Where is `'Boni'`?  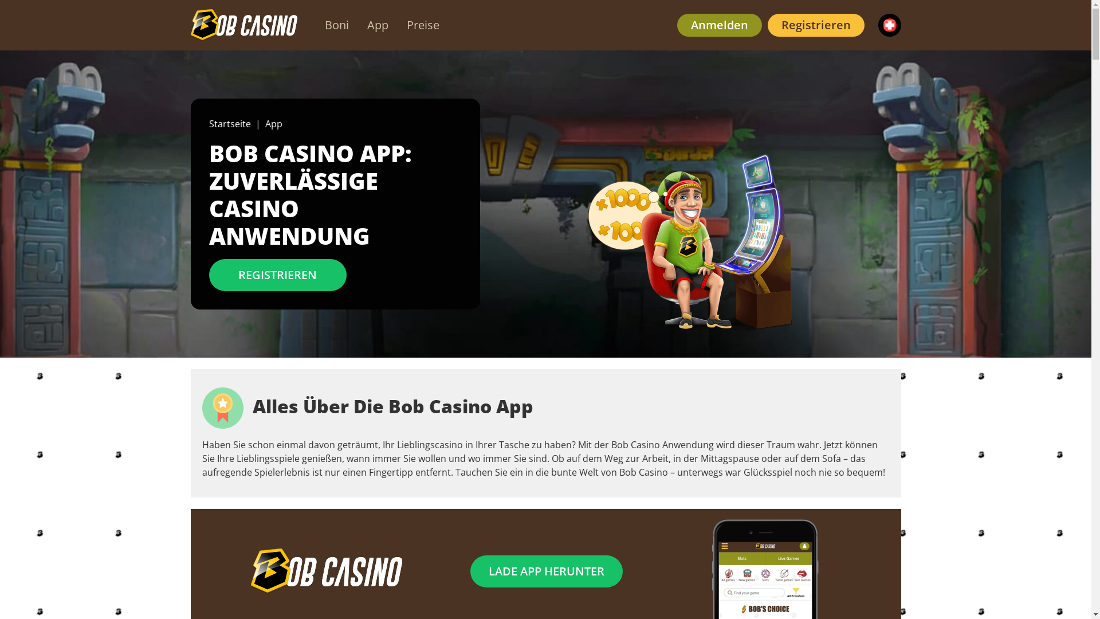 'Boni' is located at coordinates (335, 25).